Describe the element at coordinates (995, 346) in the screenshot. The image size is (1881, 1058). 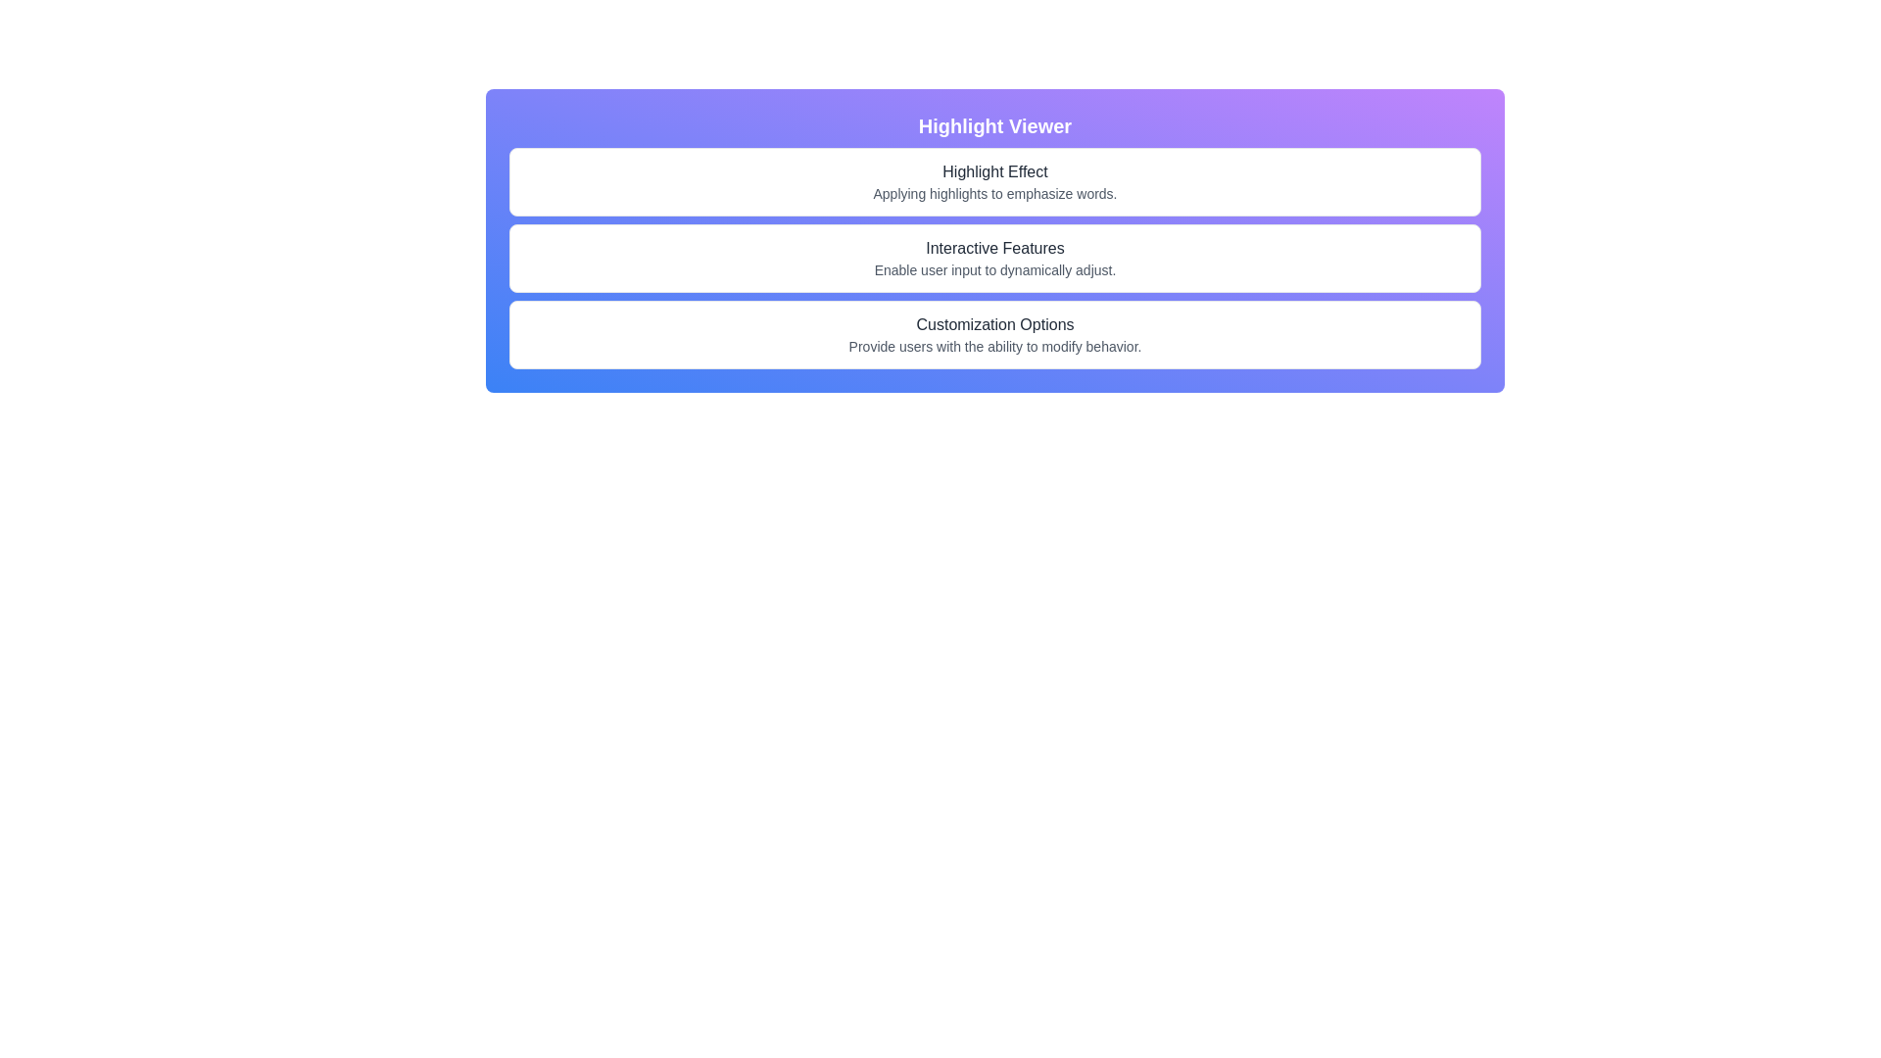
I see `the text element that reads 'Provide users with the ability to modify behavior.' which is styled in a smaller gray font and located directly beneath 'Customization Options'` at that location.